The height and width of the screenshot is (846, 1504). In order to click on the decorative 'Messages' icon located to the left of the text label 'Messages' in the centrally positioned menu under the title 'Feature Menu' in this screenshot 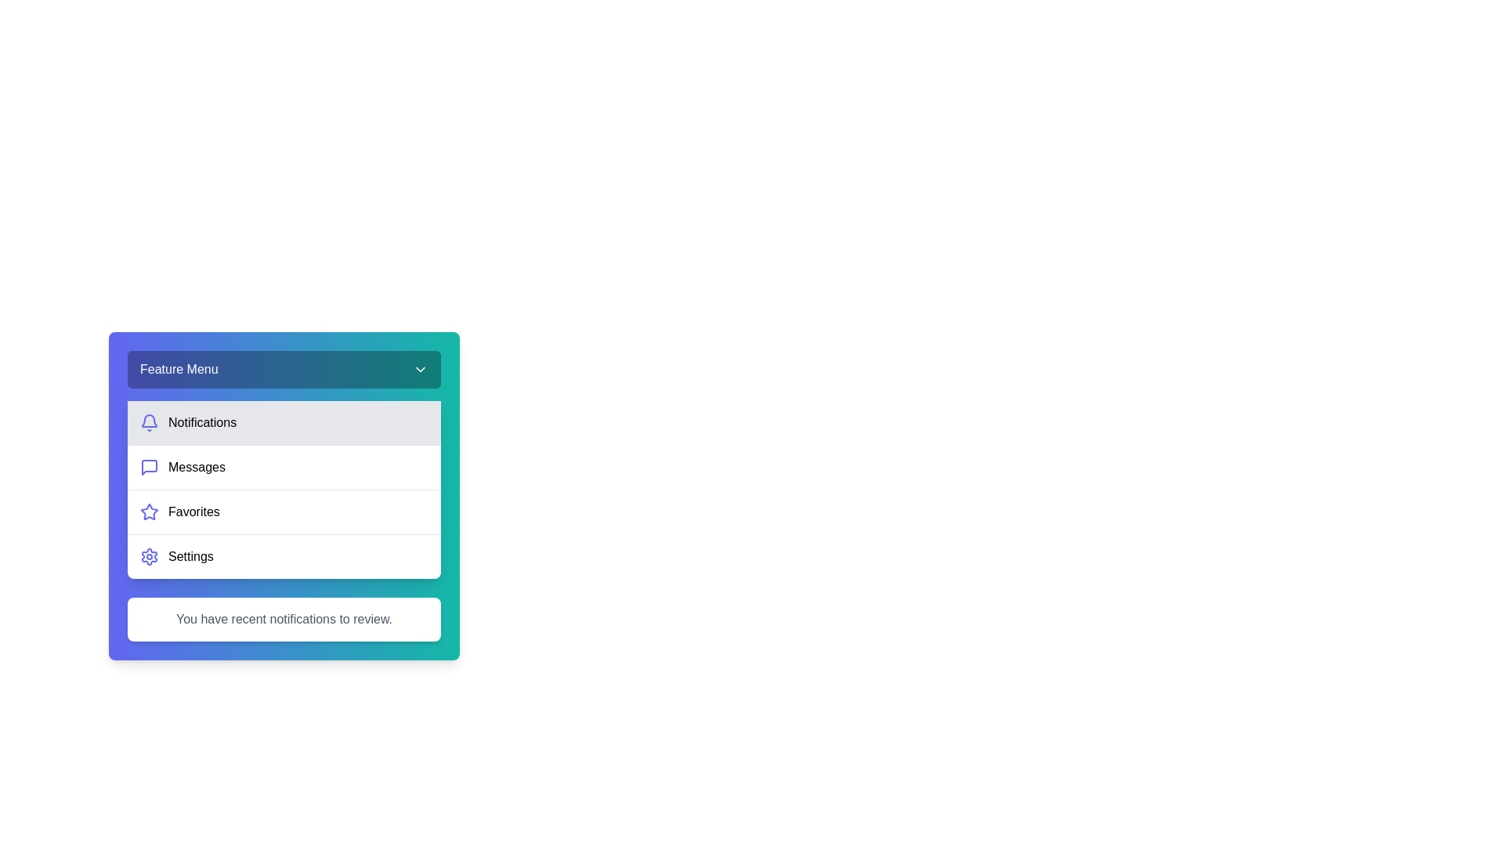, I will do `click(150, 467)`.